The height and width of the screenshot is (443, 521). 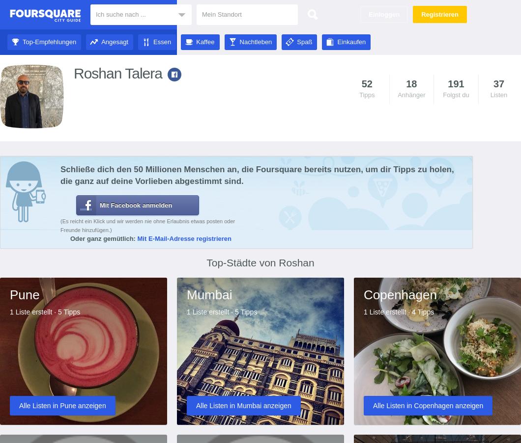 What do you see at coordinates (397, 94) in the screenshot?
I see `'Anhänger'` at bounding box center [397, 94].